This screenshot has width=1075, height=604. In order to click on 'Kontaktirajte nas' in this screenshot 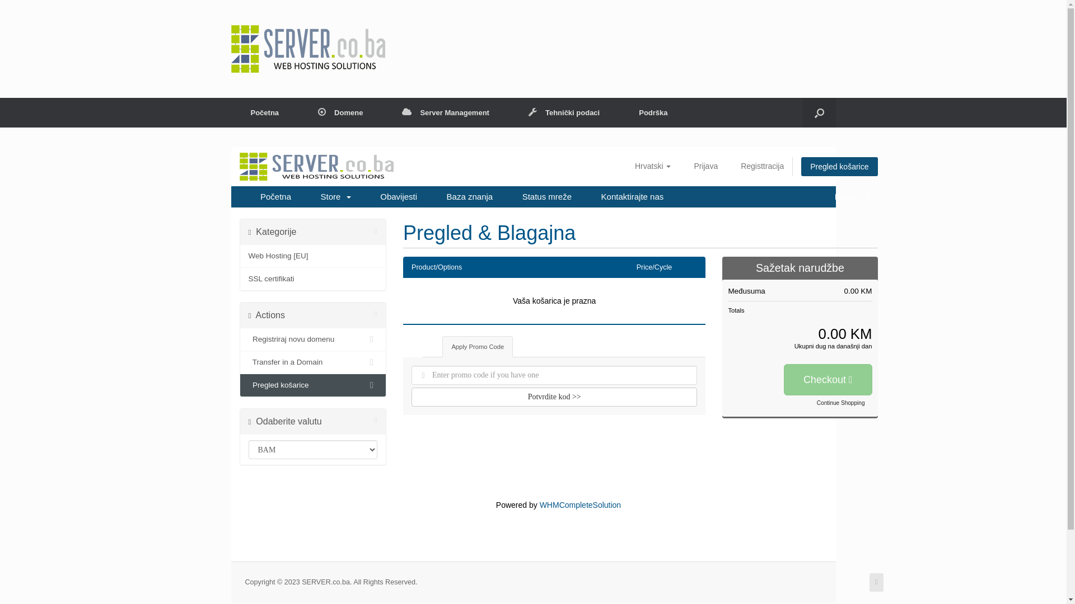, I will do `click(592, 196)`.